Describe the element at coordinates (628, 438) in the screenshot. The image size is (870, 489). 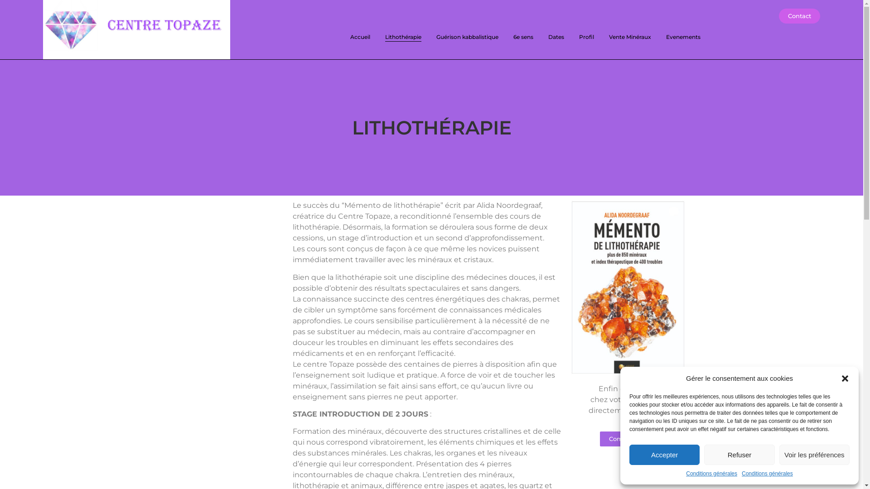
I see `'Commander'` at that location.